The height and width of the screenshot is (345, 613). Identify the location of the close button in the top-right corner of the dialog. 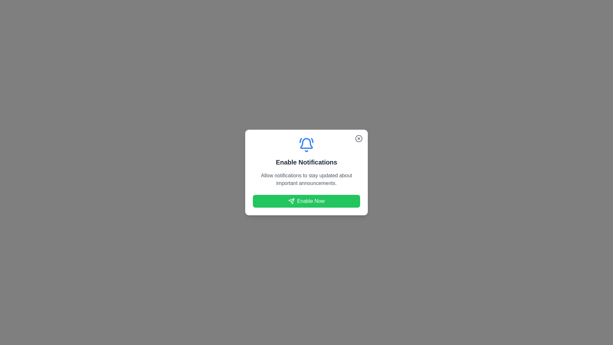
(359, 138).